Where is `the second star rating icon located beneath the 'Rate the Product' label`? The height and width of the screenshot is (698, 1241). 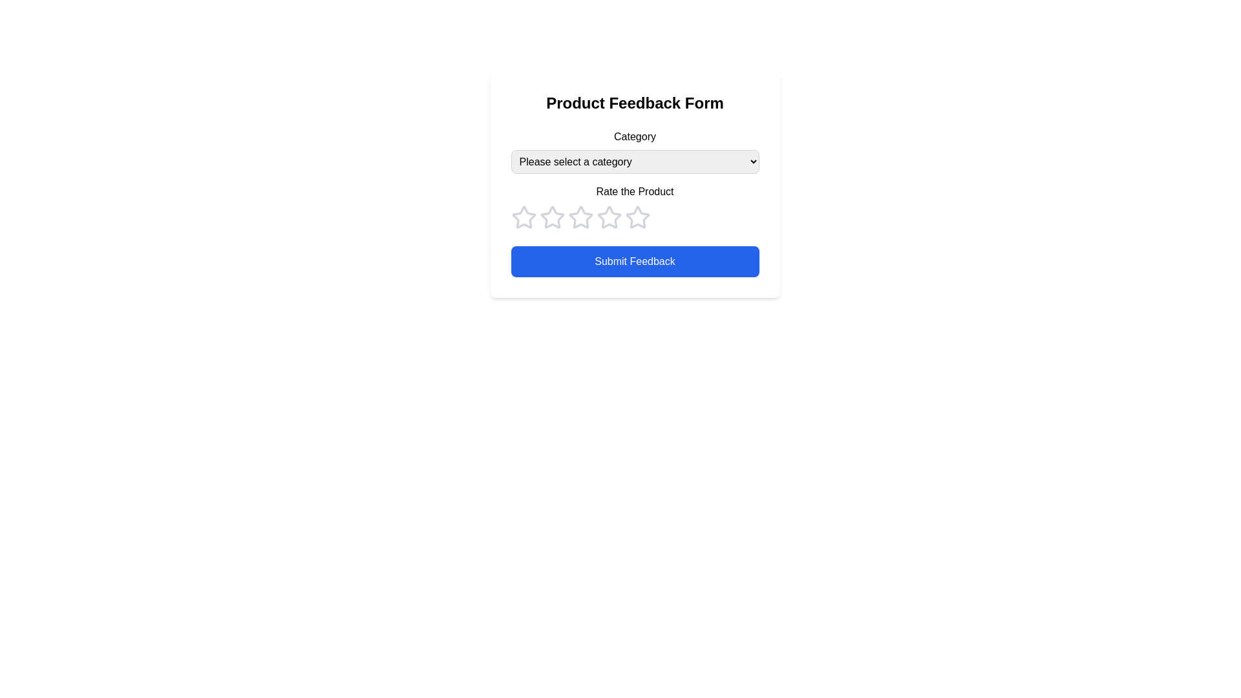 the second star rating icon located beneath the 'Rate the Product' label is located at coordinates (552, 217).